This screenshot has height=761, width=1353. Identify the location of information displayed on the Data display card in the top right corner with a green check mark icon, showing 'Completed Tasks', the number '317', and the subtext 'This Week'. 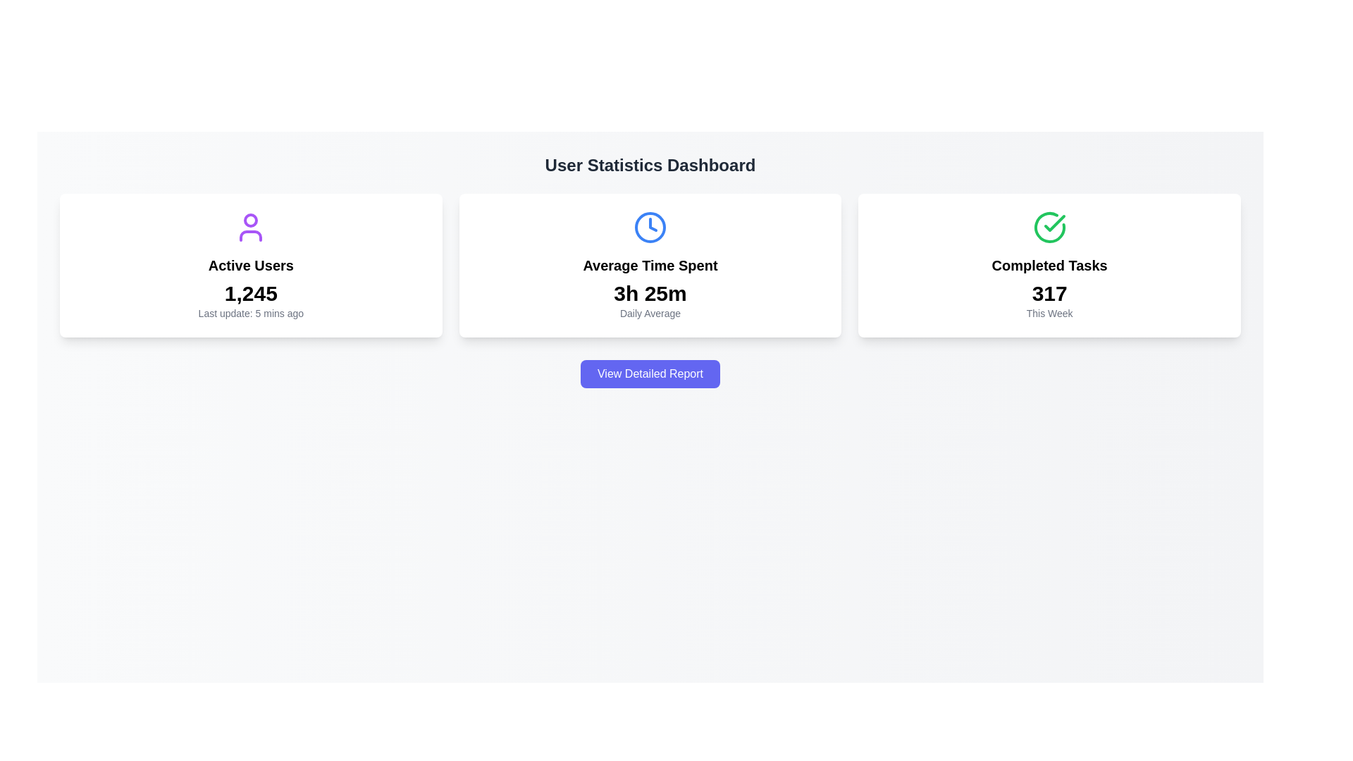
(1049, 266).